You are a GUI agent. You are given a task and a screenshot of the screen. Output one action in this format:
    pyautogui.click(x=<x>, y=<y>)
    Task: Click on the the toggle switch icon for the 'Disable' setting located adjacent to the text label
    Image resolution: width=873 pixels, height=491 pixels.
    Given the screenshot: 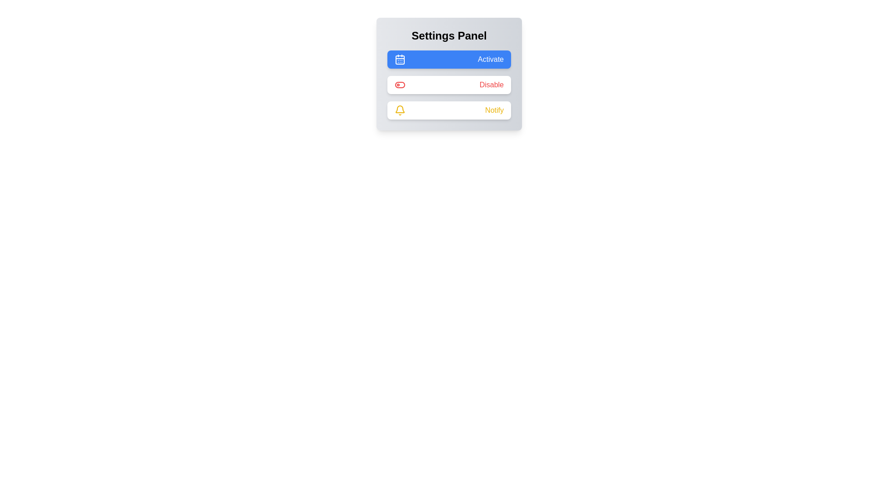 What is the action you would take?
    pyautogui.click(x=400, y=85)
    